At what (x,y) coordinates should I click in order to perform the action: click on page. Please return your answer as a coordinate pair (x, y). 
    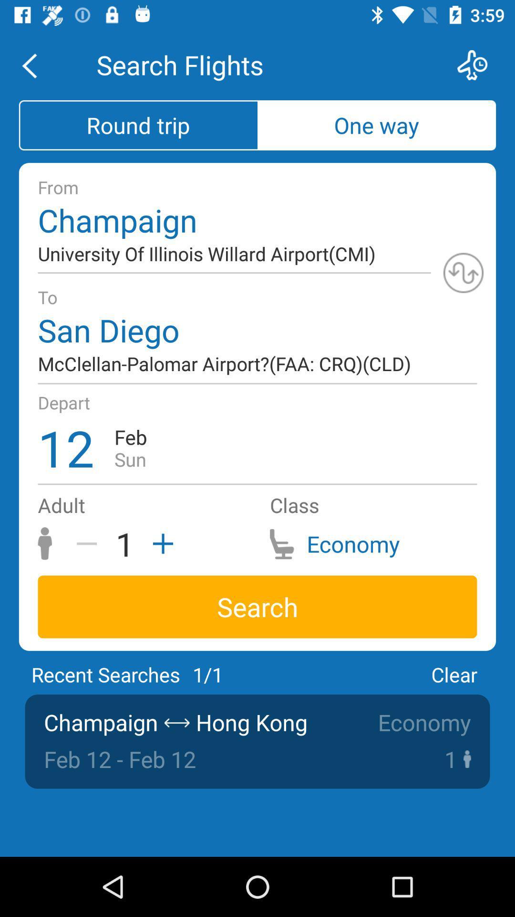
    Looking at the image, I should click on (463, 272).